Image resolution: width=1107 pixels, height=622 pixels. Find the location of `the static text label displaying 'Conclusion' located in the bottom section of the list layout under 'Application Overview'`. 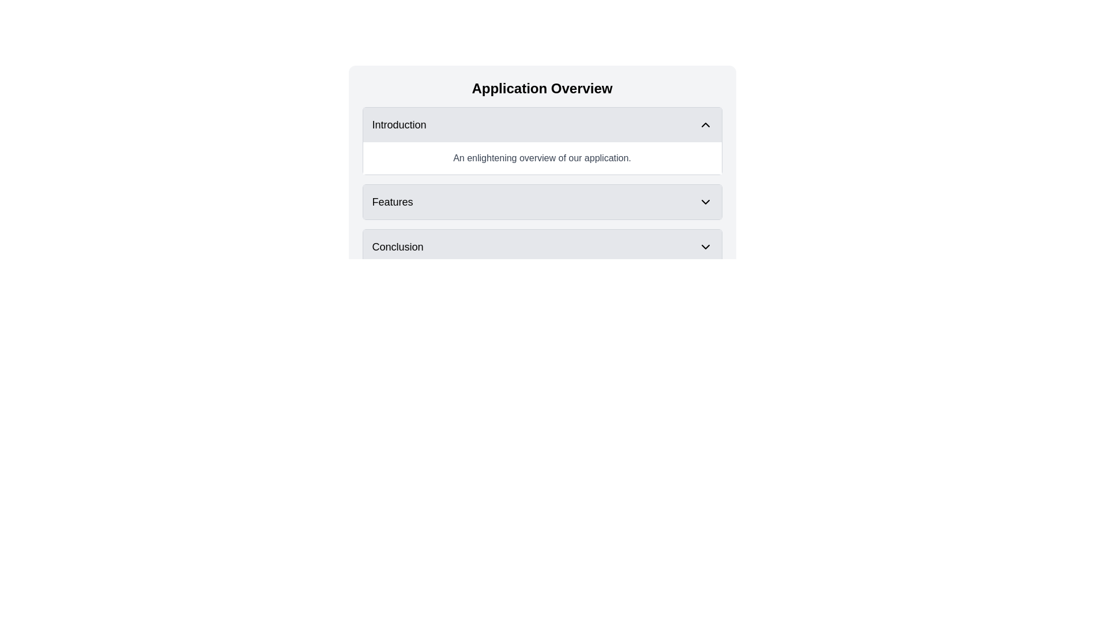

the static text label displaying 'Conclusion' located in the bottom section of the list layout under 'Application Overview' is located at coordinates (398, 246).